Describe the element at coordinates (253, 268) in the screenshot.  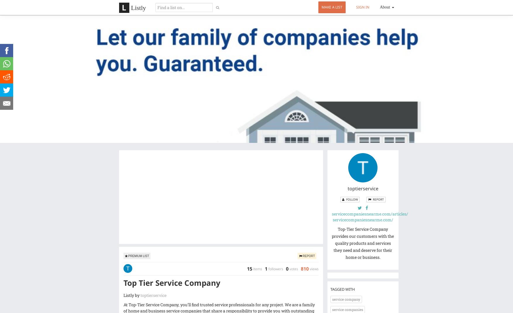
I see `'items'` at that location.